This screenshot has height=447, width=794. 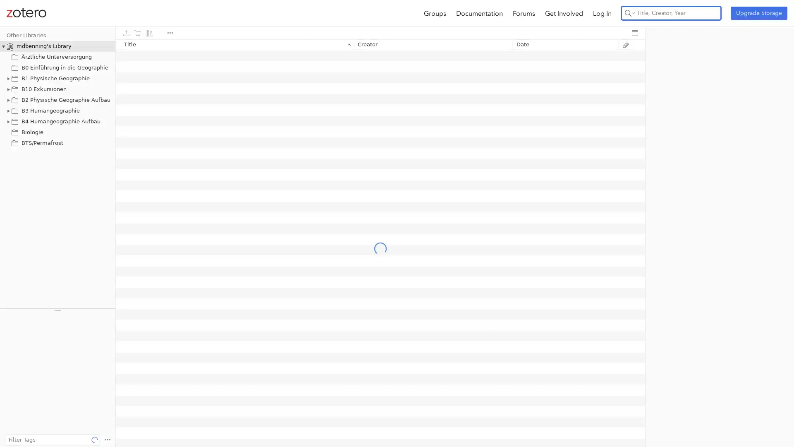 What do you see at coordinates (42, 339) in the screenshot?
I see `Bundesrepublik Deutschland` at bounding box center [42, 339].